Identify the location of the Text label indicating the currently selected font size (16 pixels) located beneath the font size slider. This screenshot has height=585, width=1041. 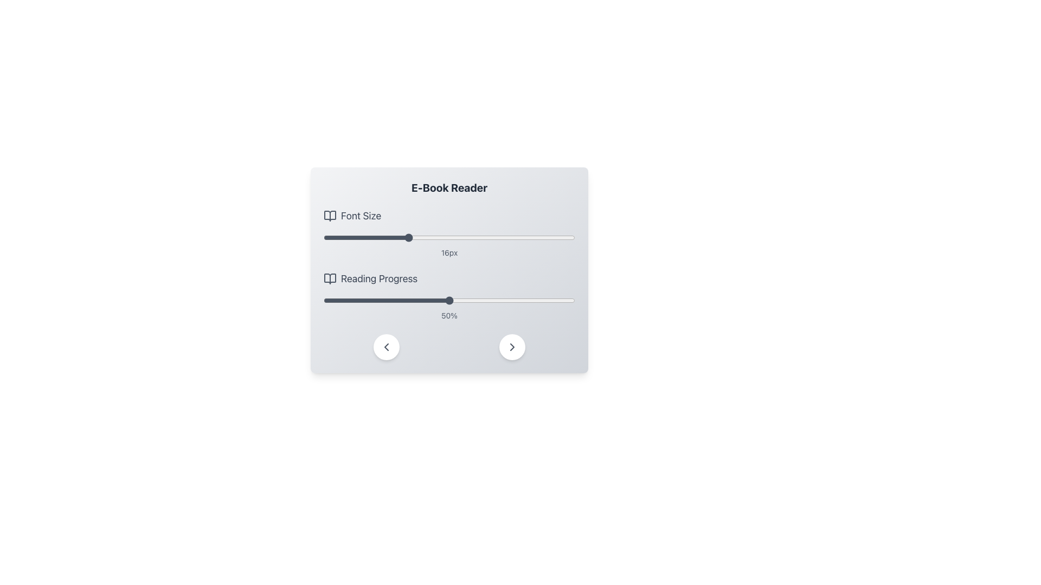
(449, 252).